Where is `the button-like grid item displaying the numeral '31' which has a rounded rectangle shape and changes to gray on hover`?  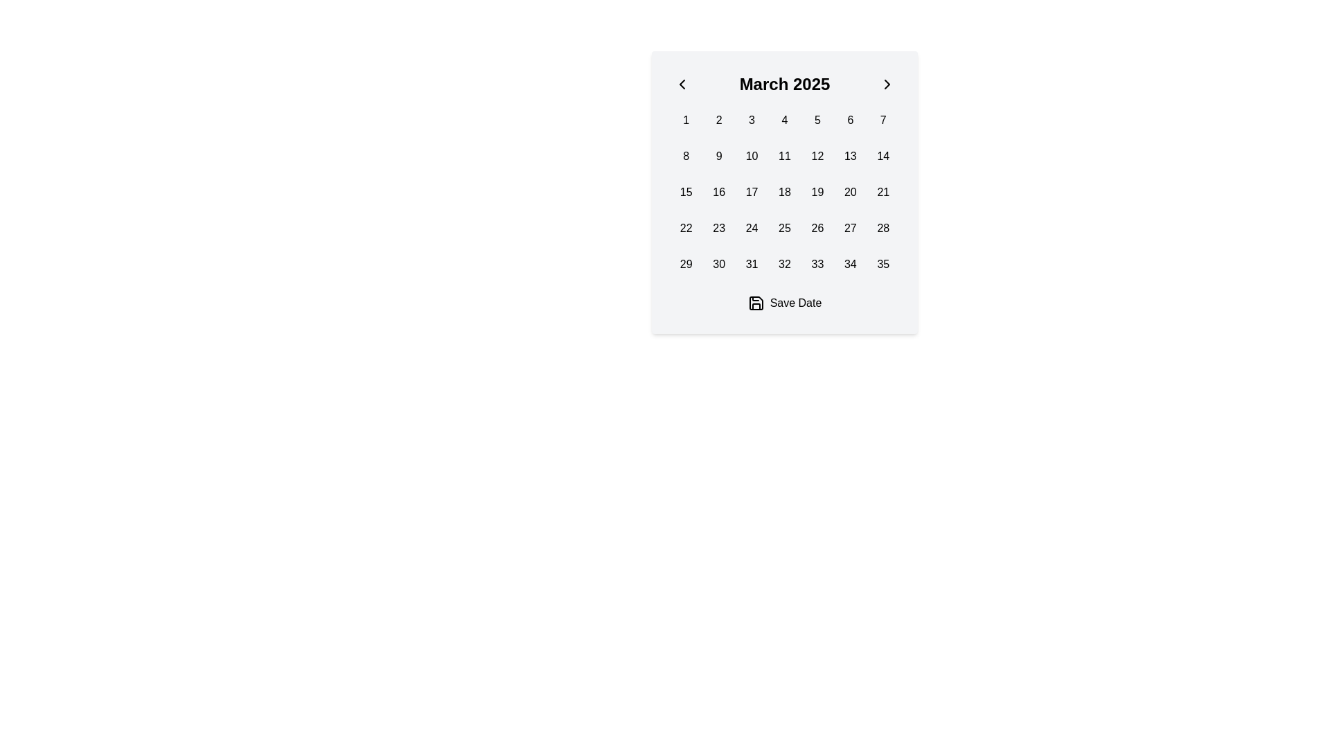 the button-like grid item displaying the numeral '31' which has a rounded rectangle shape and changes to gray on hover is located at coordinates (751, 264).